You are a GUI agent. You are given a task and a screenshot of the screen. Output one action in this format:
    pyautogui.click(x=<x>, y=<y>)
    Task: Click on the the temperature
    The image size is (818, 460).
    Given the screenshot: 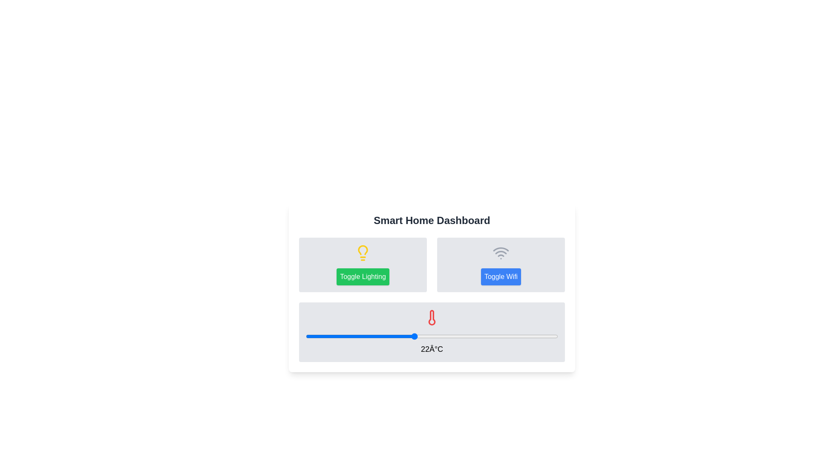 What is the action you would take?
    pyautogui.click(x=521, y=336)
    